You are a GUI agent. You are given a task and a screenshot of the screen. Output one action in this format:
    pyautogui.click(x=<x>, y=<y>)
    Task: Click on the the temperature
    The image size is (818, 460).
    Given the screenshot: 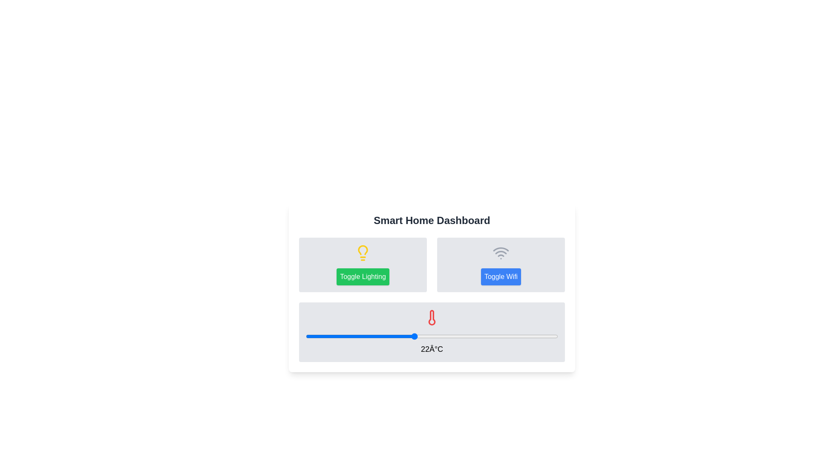 What is the action you would take?
    pyautogui.click(x=521, y=336)
    